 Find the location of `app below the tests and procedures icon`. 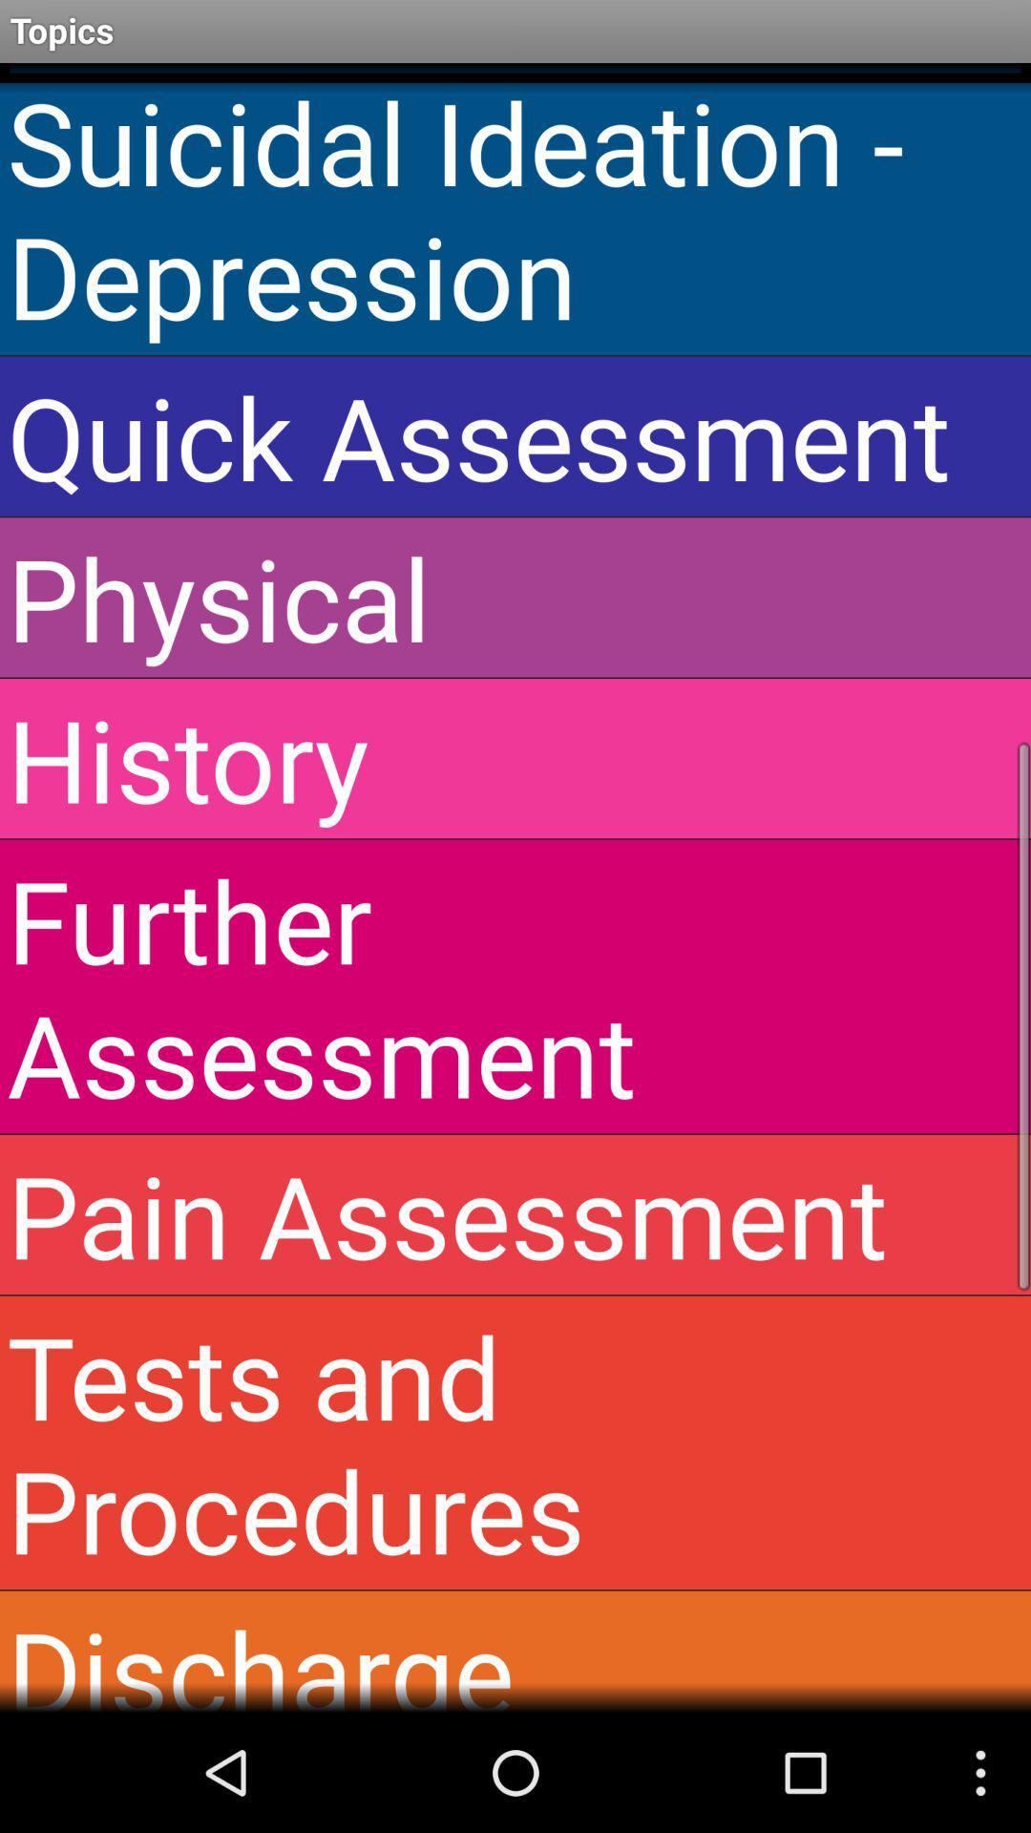

app below the tests and procedures icon is located at coordinates (515, 1651).